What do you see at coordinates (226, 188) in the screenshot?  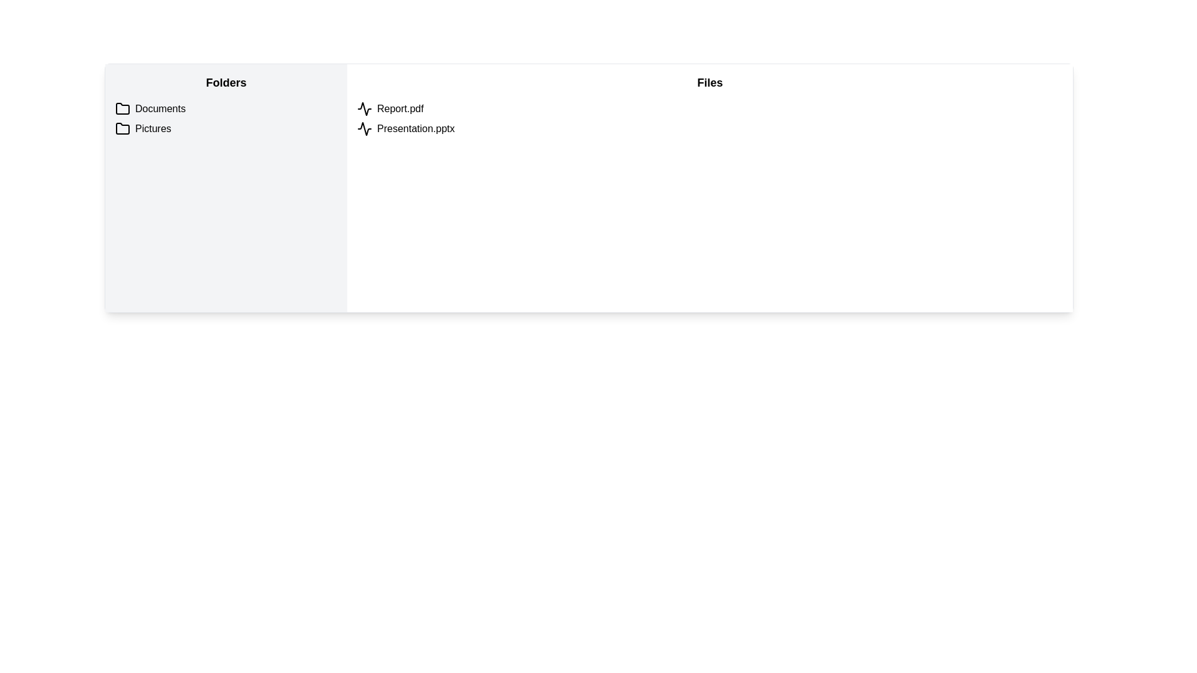 I see `the directory navigation pane element located on the leftmost quarter of the layout, which is used for categorizing folders` at bounding box center [226, 188].